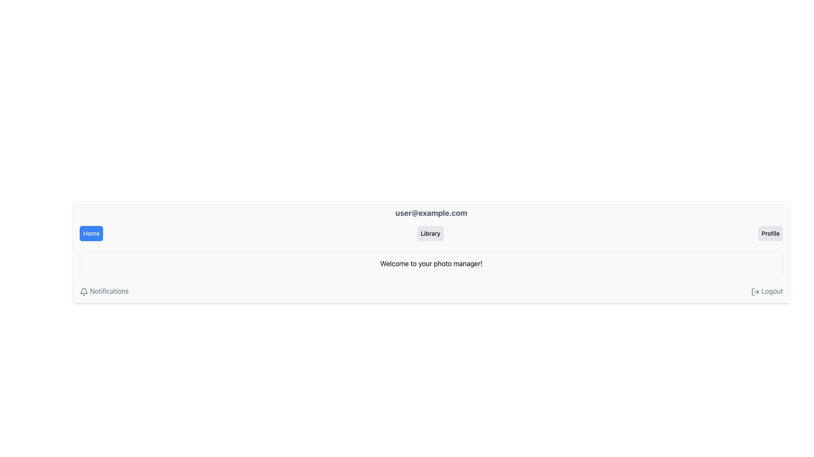 The image size is (814, 457). What do you see at coordinates (103, 290) in the screenshot?
I see `the link element that navigates to notifications, located on the lower-left corner of the visible interface, to change its color` at bounding box center [103, 290].